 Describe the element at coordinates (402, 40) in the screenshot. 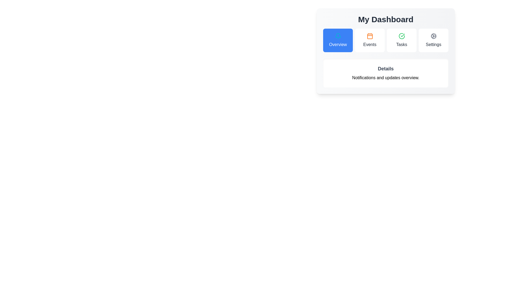

I see `the tab button labeled Tasks` at that location.